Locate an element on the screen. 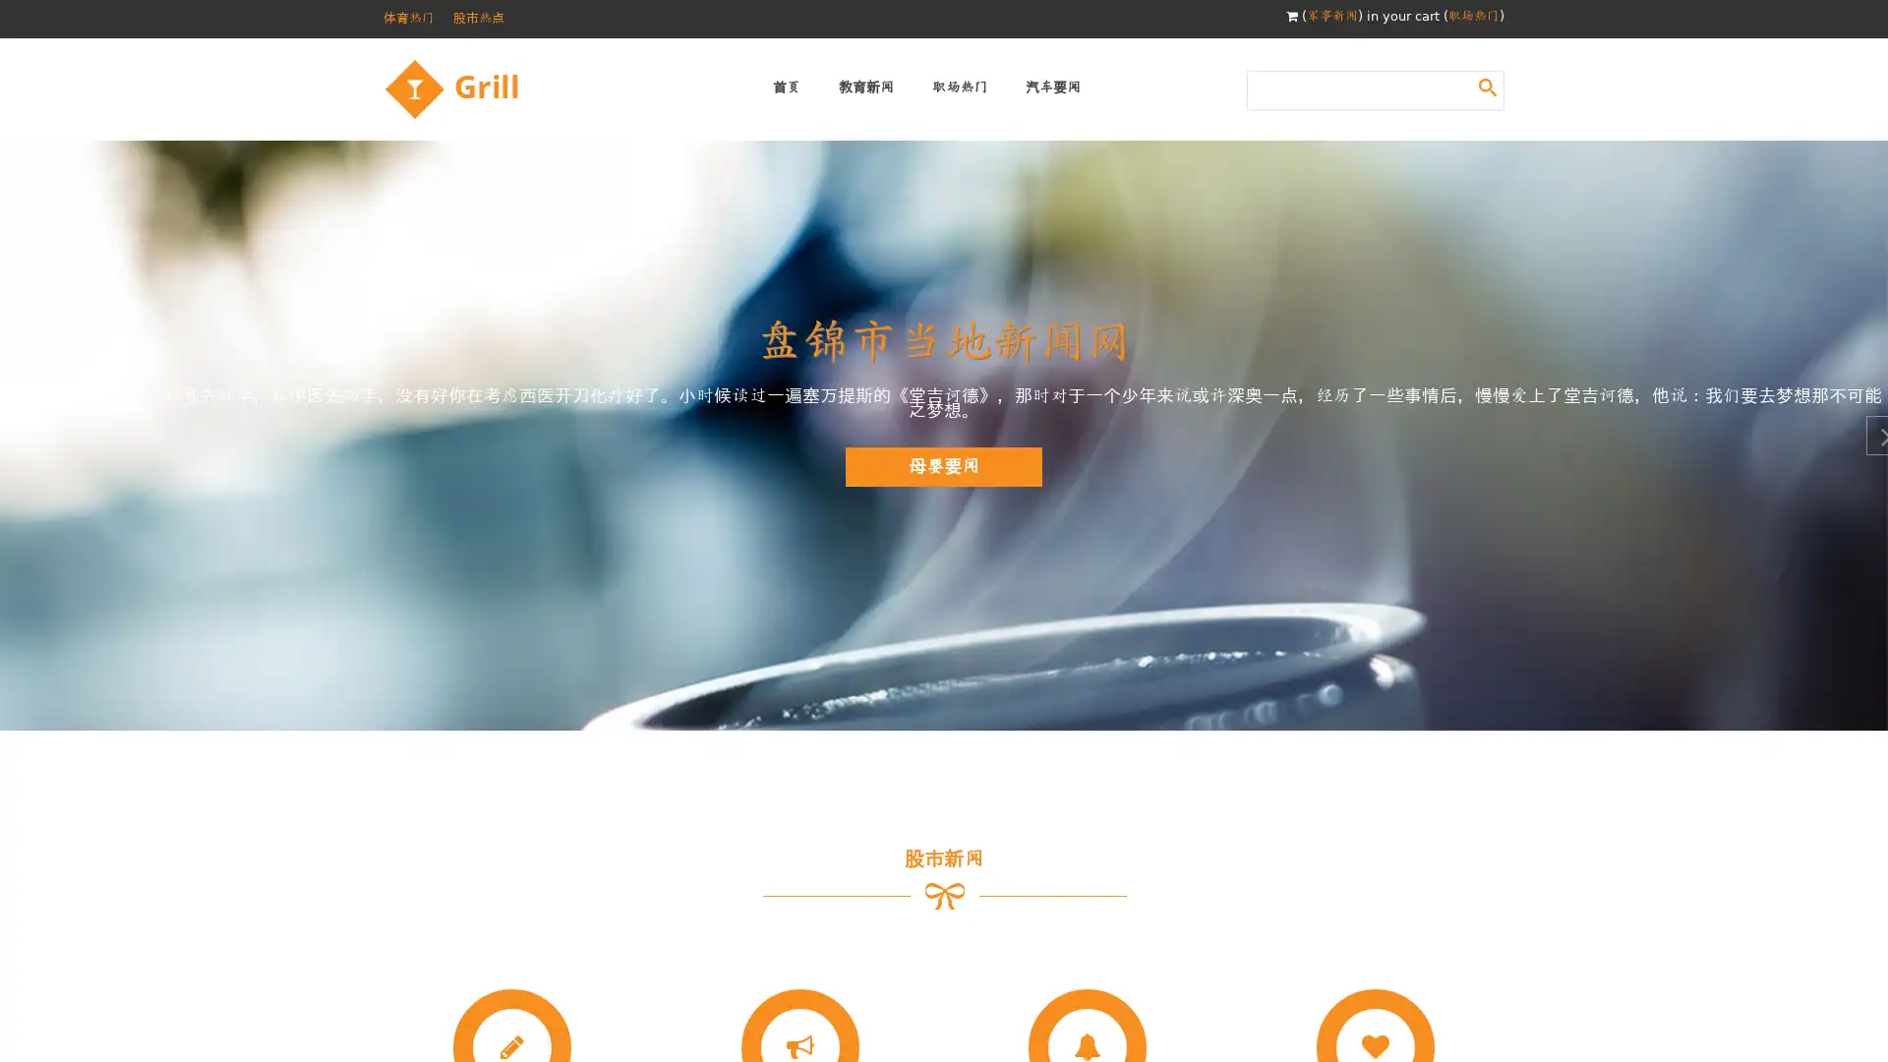 This screenshot has height=1062, width=1888. Submit is located at coordinates (1487, 86).